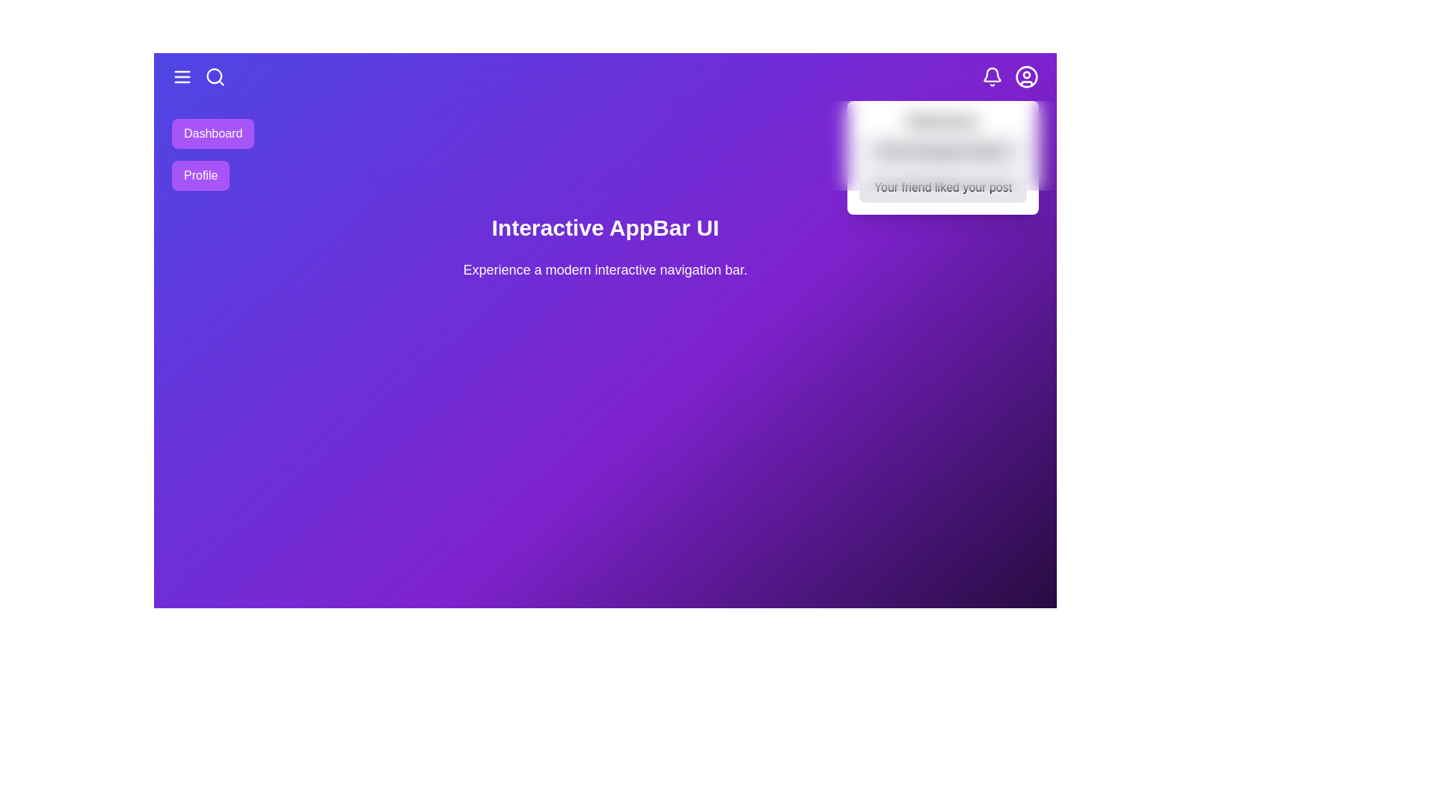 The height and width of the screenshot is (808, 1436). I want to click on the Dashboard button to navigate to the Dashboard section, so click(212, 132).